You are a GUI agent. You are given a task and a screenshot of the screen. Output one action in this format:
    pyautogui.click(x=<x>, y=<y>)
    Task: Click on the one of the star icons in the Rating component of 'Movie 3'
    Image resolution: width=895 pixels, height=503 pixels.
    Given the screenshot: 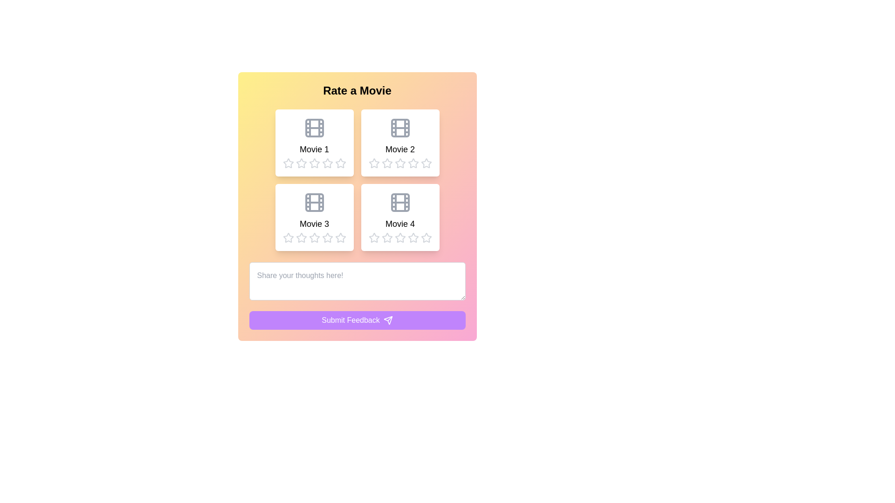 What is the action you would take?
    pyautogui.click(x=314, y=237)
    